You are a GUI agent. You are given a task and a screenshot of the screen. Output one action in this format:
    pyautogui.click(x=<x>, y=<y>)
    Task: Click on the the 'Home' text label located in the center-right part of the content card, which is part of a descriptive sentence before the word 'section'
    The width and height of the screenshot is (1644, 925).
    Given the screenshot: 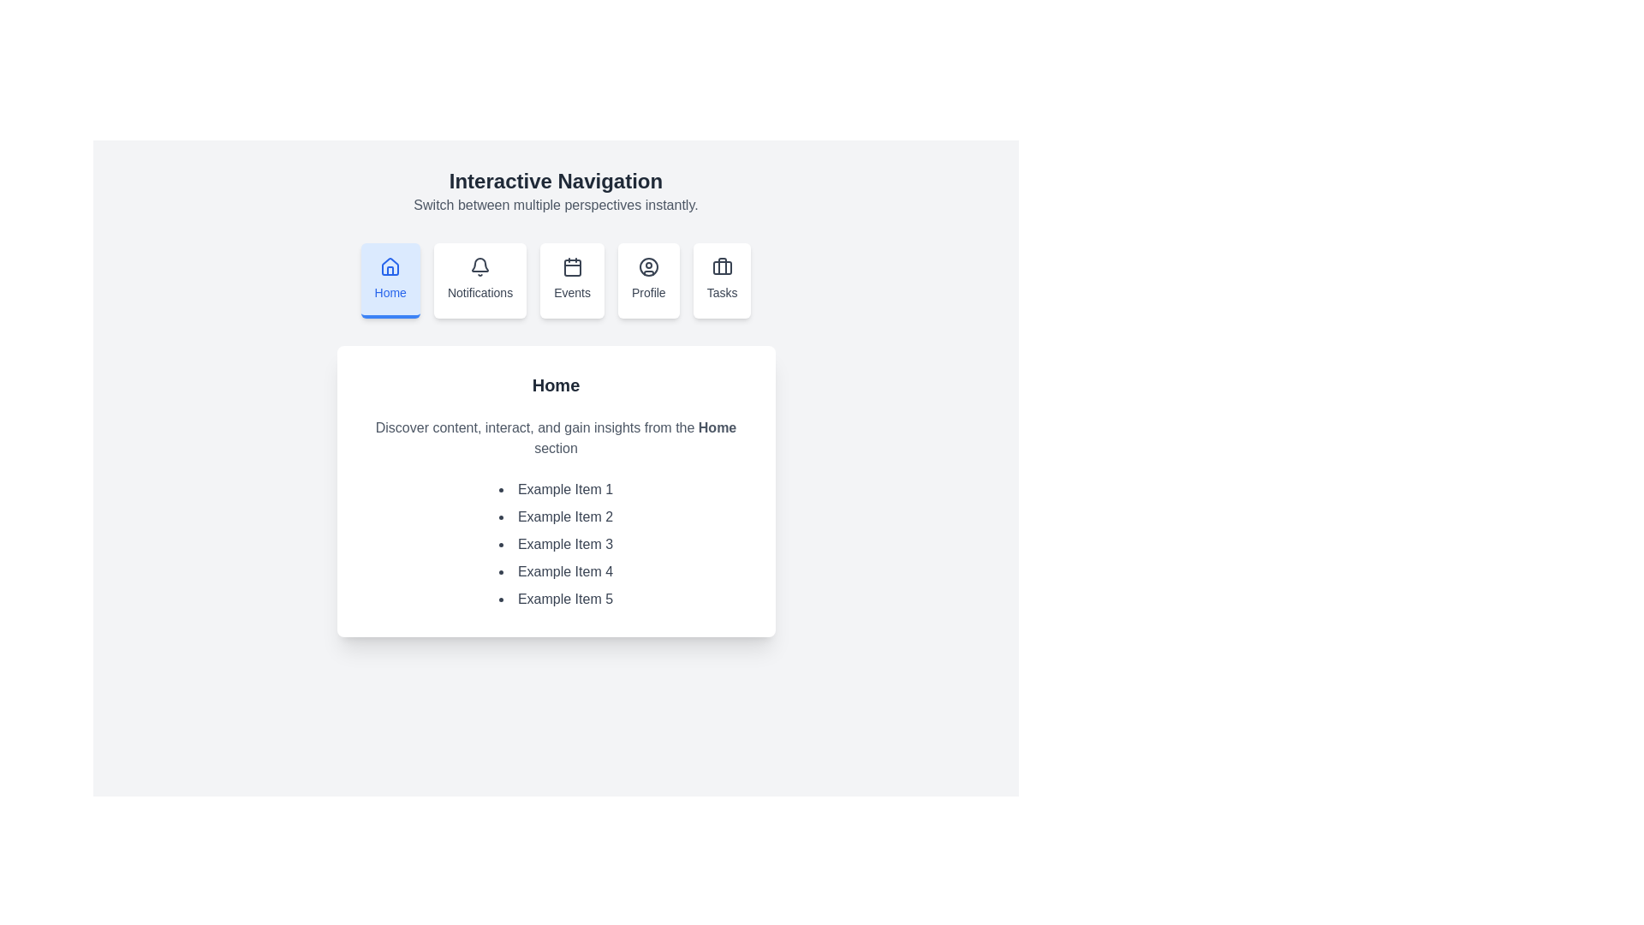 What is the action you would take?
    pyautogui.click(x=718, y=427)
    